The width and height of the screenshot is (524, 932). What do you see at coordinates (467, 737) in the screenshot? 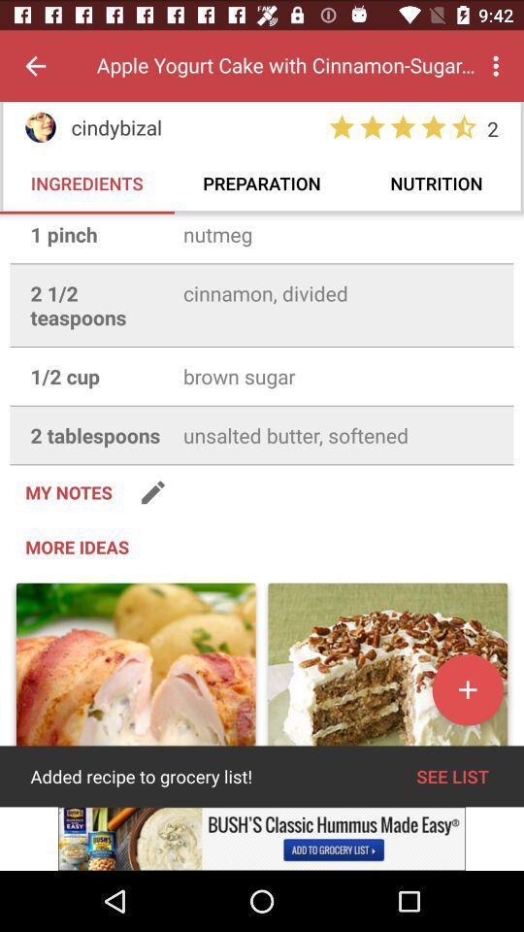
I see `the add icon` at bounding box center [467, 737].